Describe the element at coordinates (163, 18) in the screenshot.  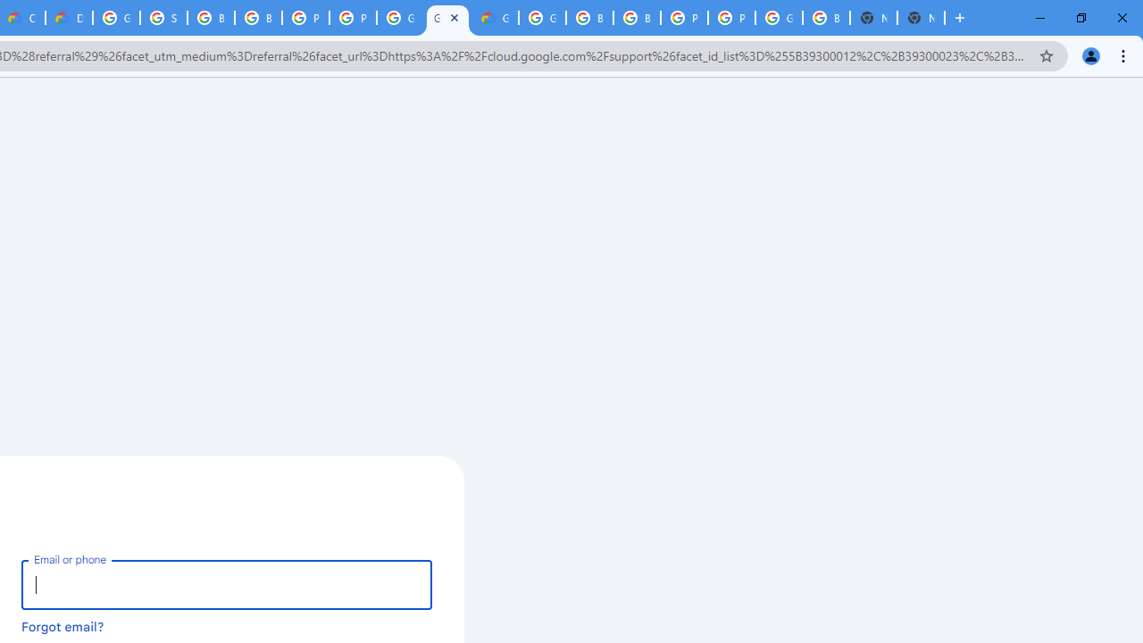
I see `'Sign in - Google Accounts'` at that location.